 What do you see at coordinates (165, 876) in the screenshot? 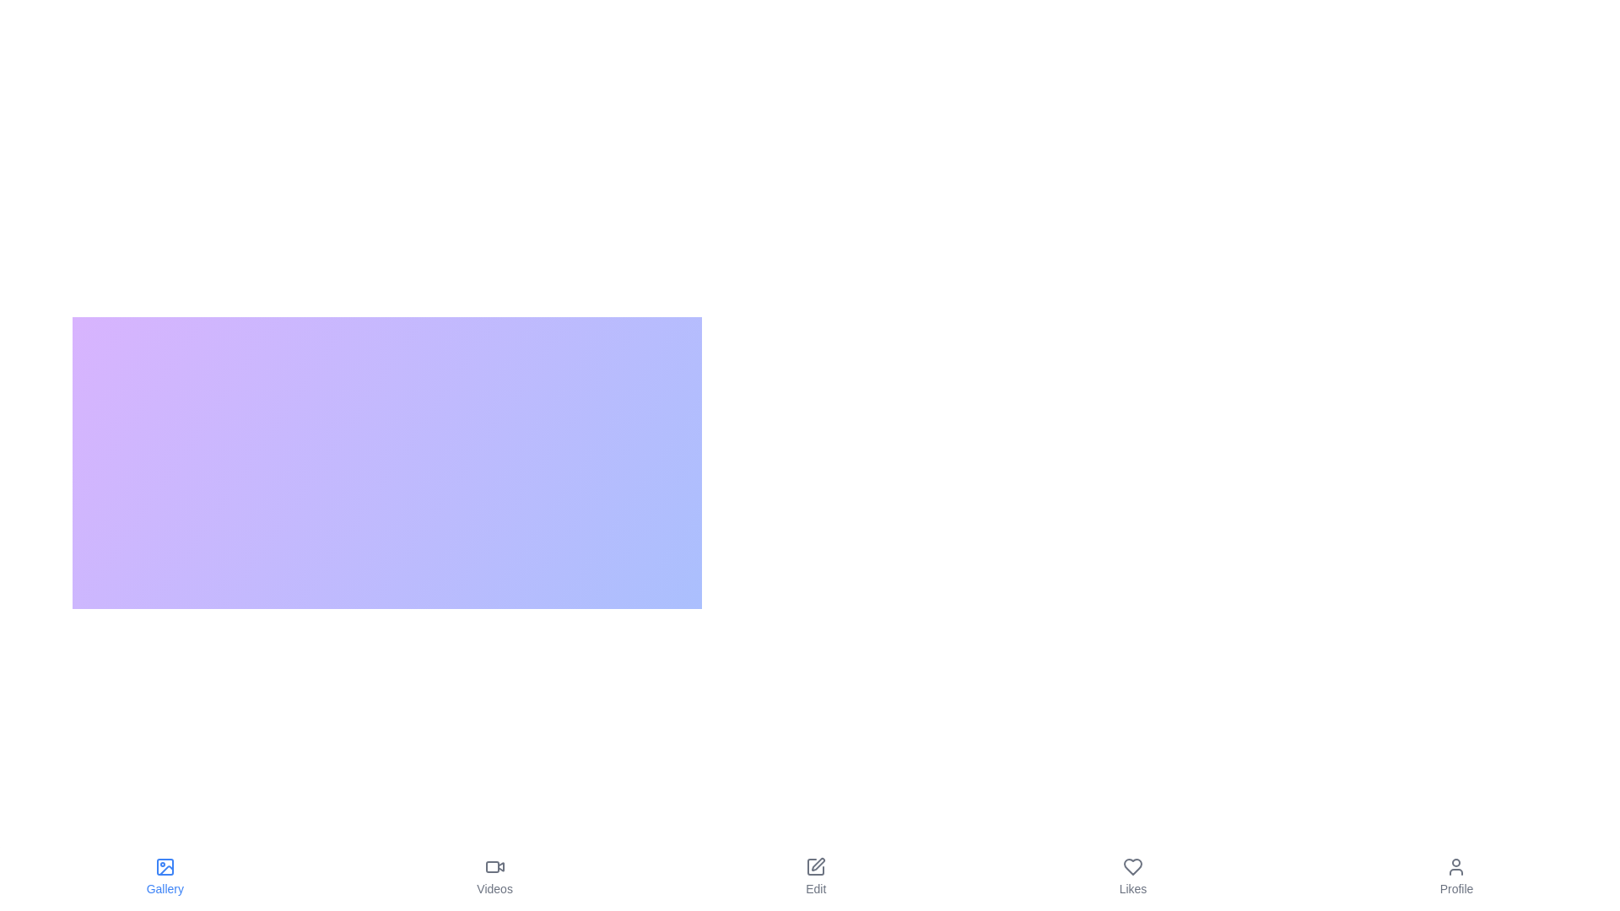
I see `the Gallery button to switch to the corresponding view` at bounding box center [165, 876].